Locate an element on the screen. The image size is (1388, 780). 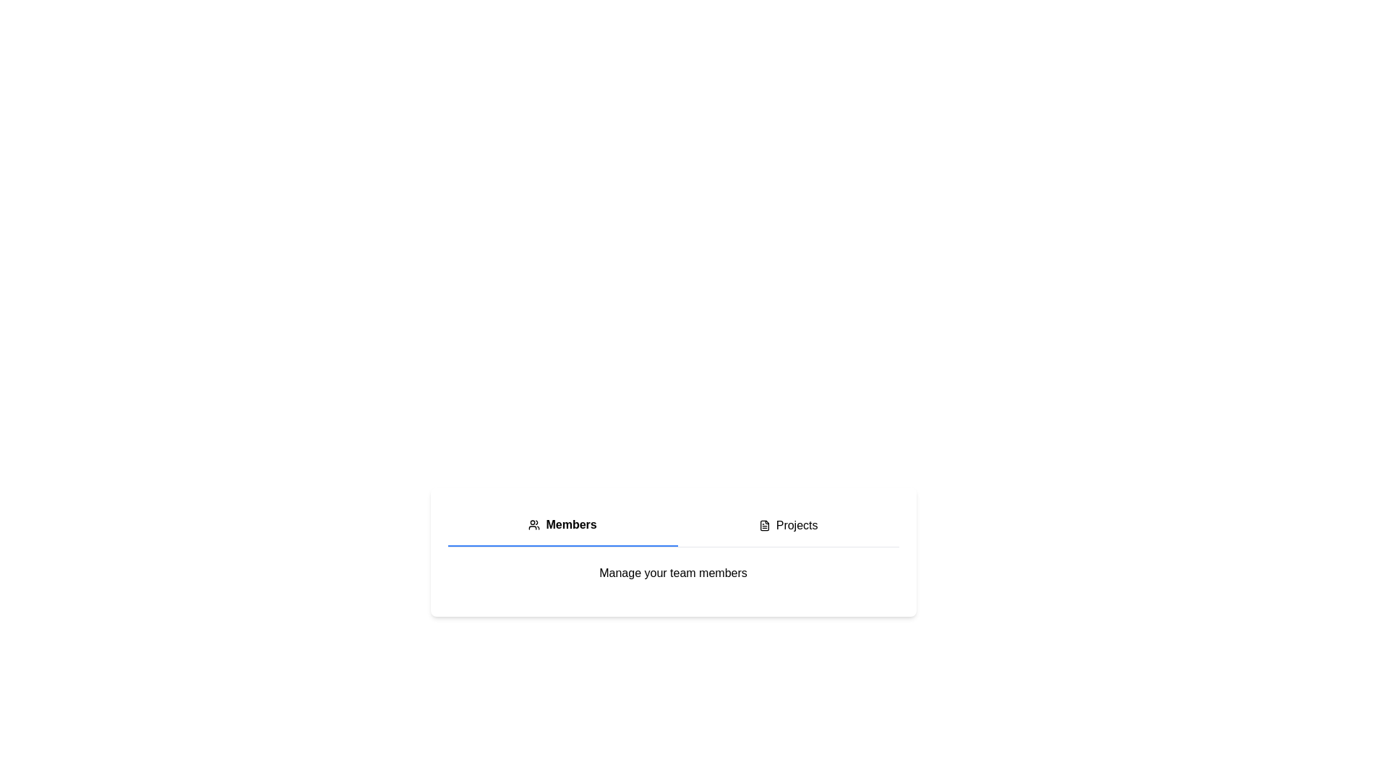
the decorative icon associated with the 'Projects' label located in the horizontal header bar, which is the first item on the right side of the bar is located at coordinates (763, 526).